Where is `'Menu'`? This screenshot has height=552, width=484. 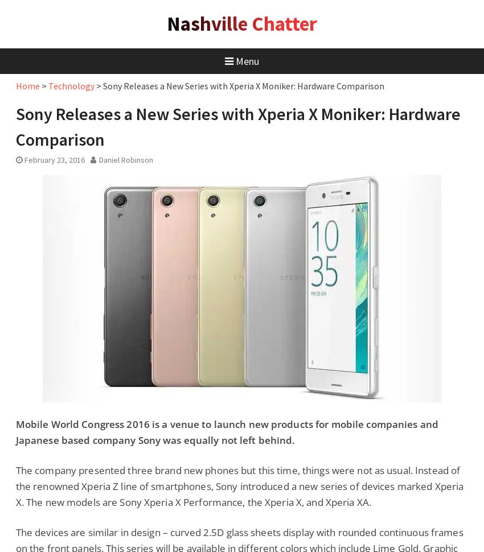
'Menu' is located at coordinates (247, 61).